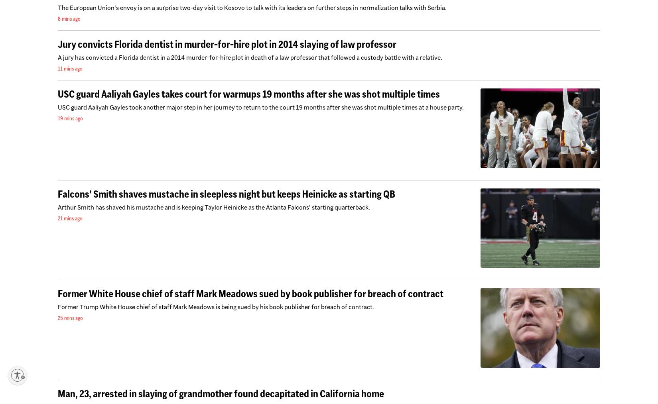 Image resolution: width=658 pixels, height=404 pixels. I want to click on 'Former Trump White House chief of staff Mark Meadows is being sued by his book publisher for breach of contract.', so click(215, 307).